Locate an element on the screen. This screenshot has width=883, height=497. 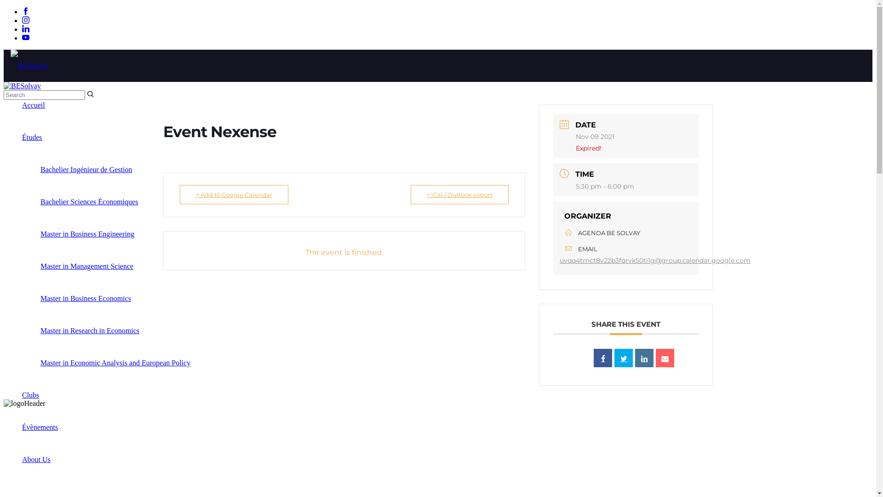
'About Us' is located at coordinates (36, 459).